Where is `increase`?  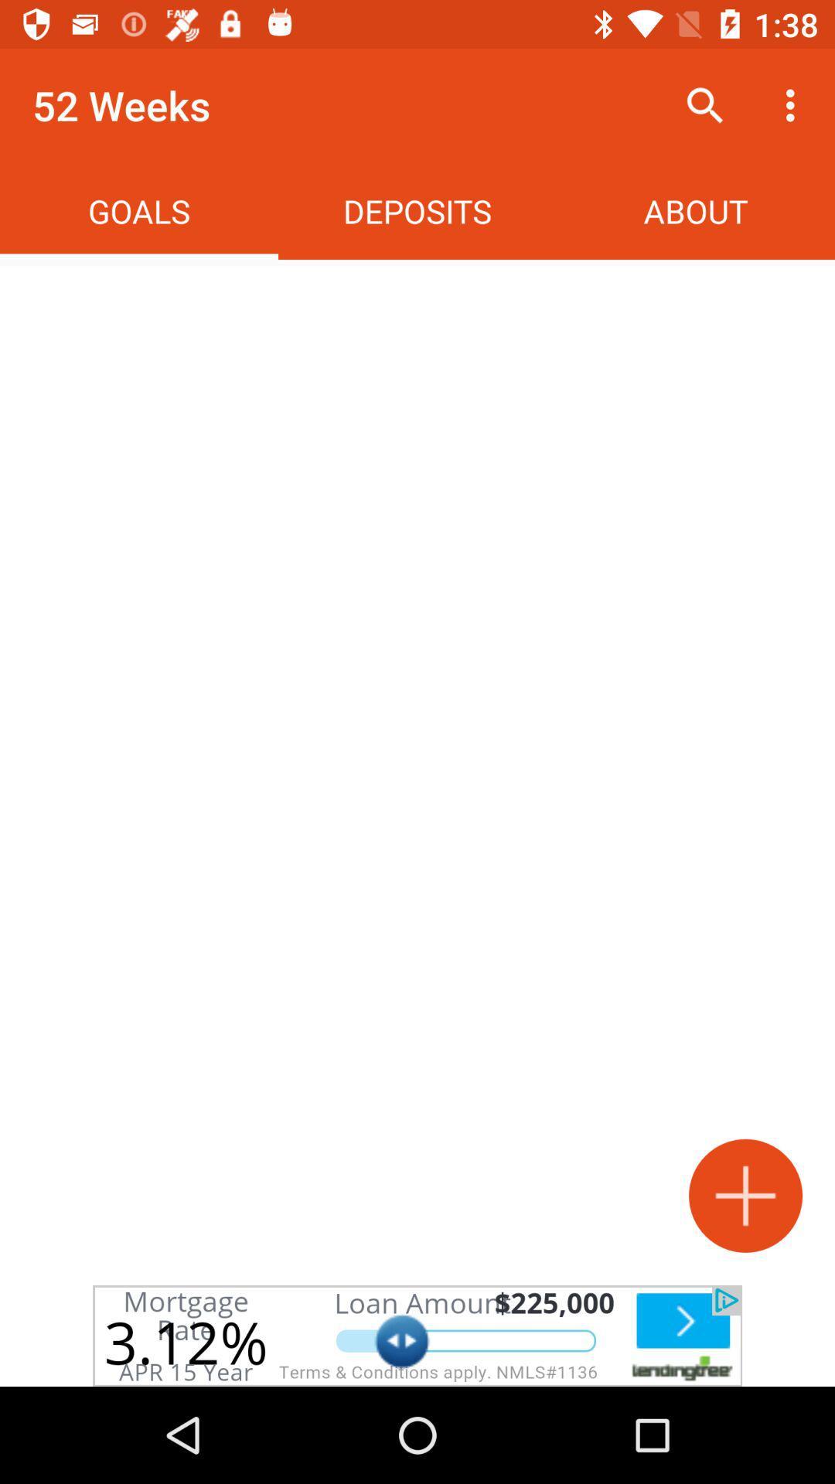
increase is located at coordinates (745, 1195).